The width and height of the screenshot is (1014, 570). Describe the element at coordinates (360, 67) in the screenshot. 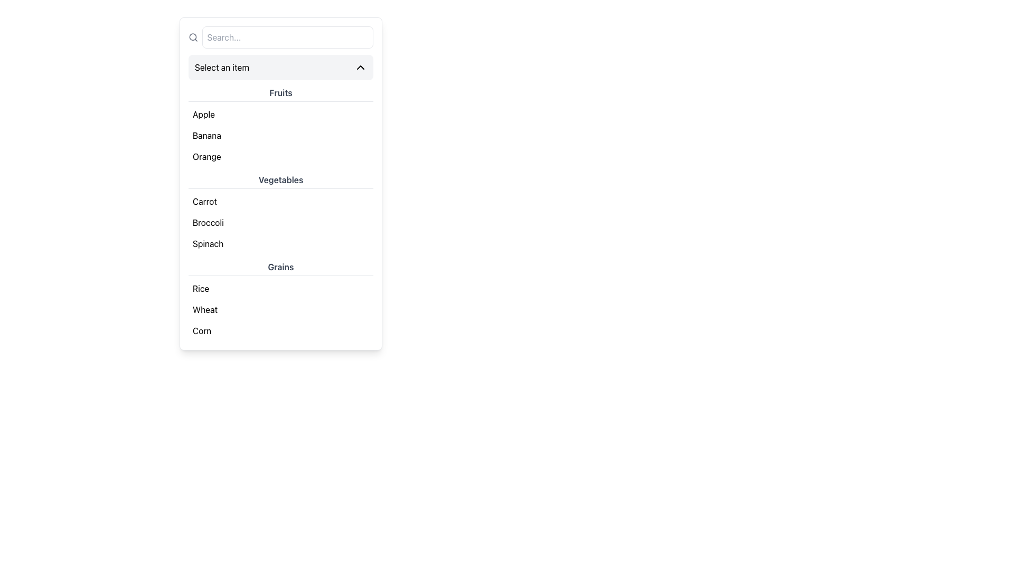

I see `the downward-facing chevron icon located to the right of the 'Select an item' text` at that location.